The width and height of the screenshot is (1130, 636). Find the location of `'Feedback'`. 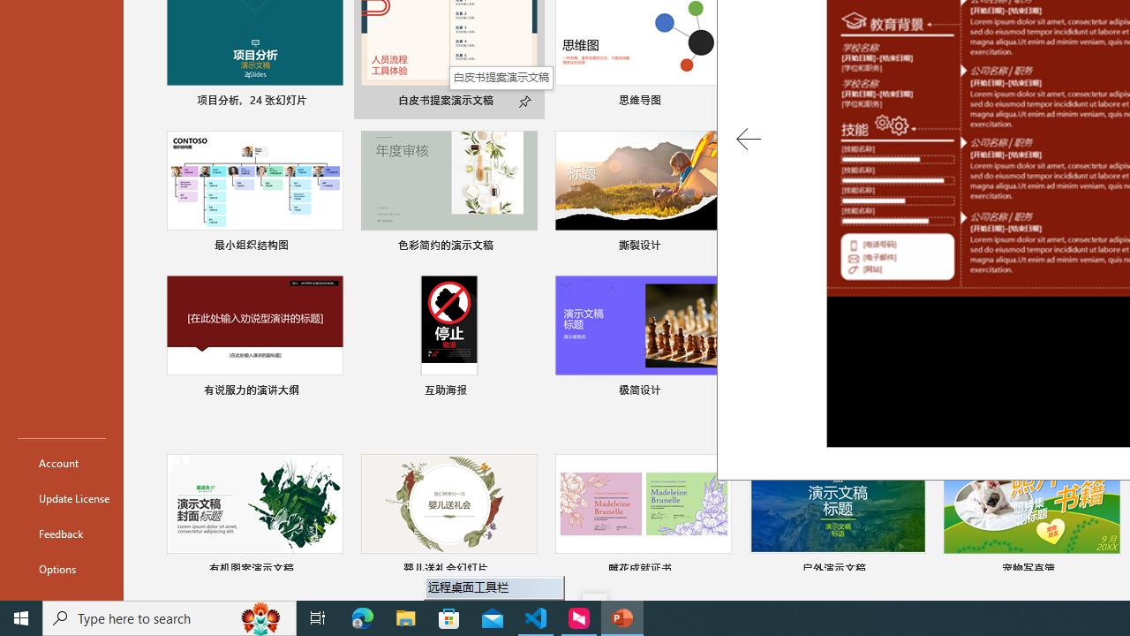

'Feedback' is located at coordinates (61, 533).